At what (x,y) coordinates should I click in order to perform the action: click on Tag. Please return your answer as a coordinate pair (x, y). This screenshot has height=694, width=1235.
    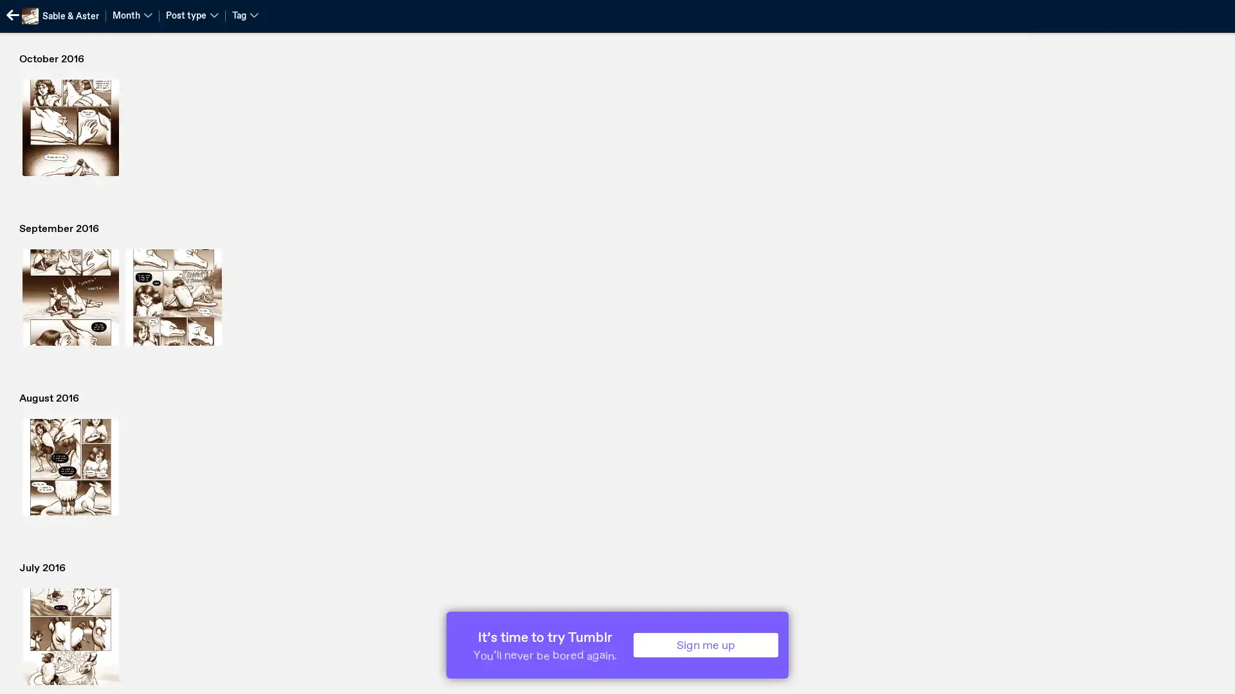
    Looking at the image, I should click on (245, 15).